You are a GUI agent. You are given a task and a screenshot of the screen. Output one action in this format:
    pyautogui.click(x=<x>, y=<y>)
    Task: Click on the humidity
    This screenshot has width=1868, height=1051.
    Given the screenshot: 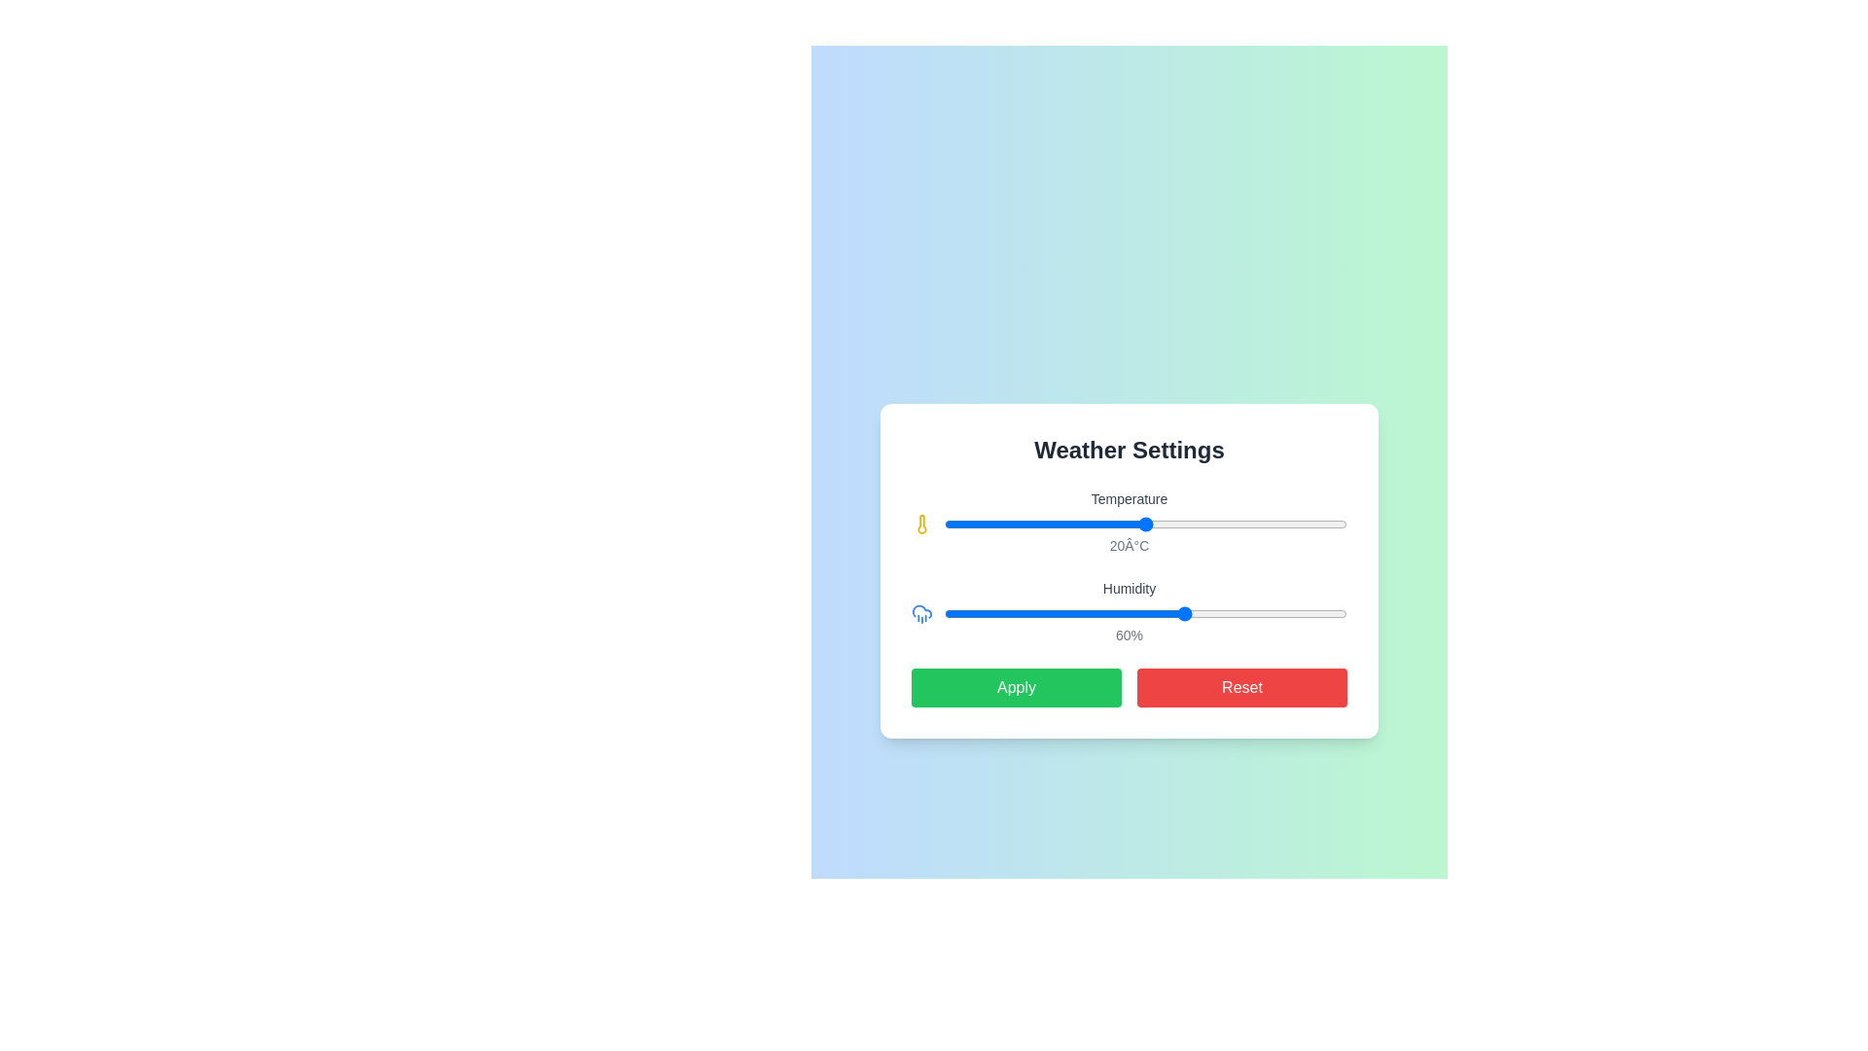 What is the action you would take?
    pyautogui.click(x=1150, y=614)
    